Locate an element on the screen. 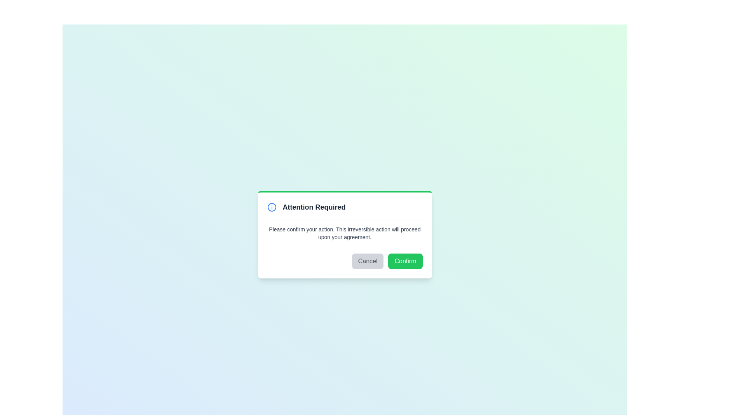 The image size is (746, 420). the text label that conveys the message 'Please confirm your action. This irreversible action will proceed upon your agreement.' located in the modal dialog box below the heading 'Attention Required' is located at coordinates (344, 233).